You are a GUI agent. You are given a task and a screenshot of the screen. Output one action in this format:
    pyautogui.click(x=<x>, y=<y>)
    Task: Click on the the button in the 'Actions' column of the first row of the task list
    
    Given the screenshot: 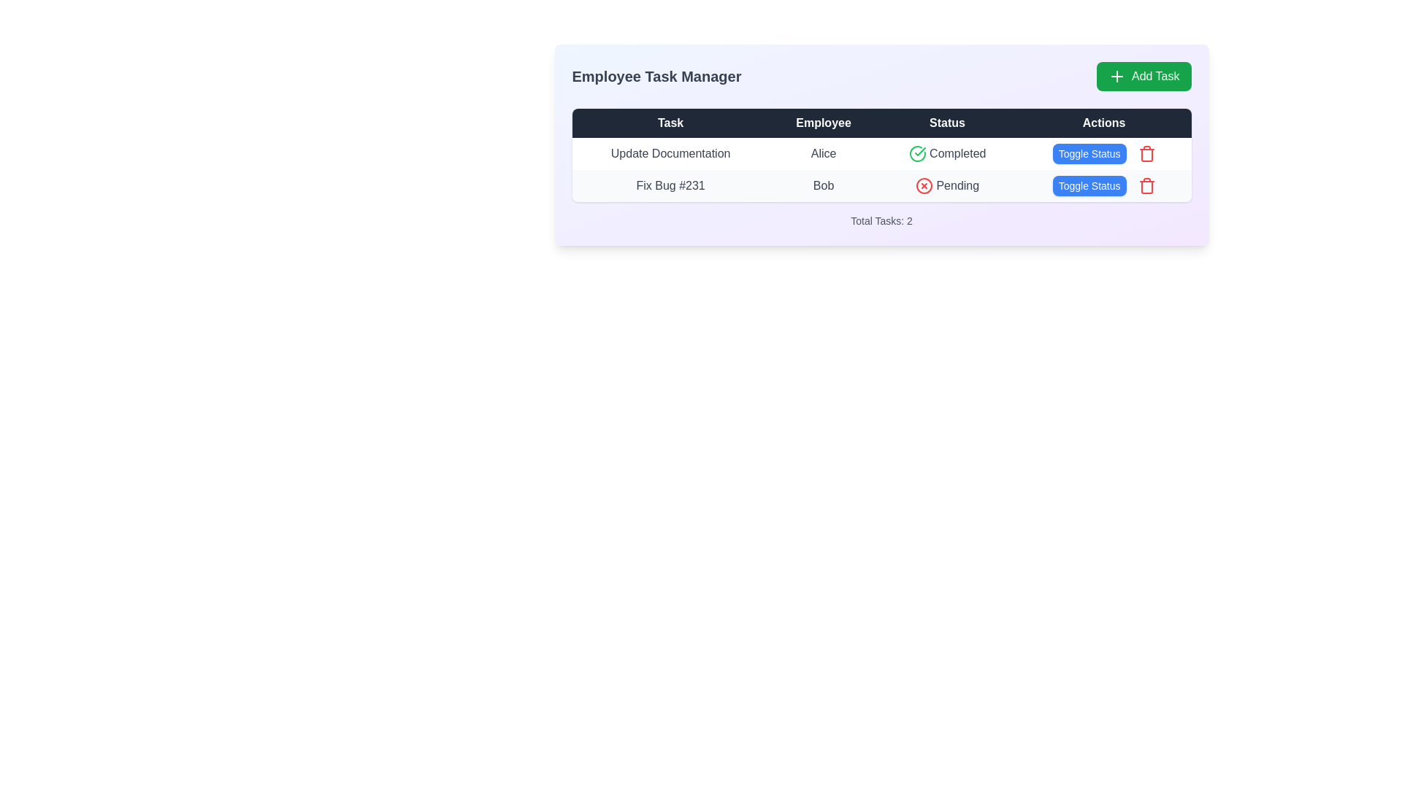 What is the action you would take?
    pyautogui.click(x=1104, y=154)
    